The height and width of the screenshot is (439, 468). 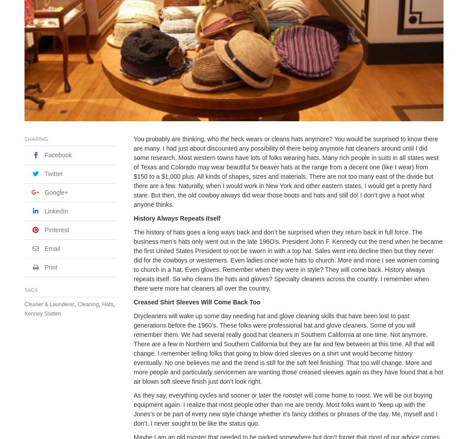 I want to click on 'History Always Repeats Itself', so click(x=177, y=218).